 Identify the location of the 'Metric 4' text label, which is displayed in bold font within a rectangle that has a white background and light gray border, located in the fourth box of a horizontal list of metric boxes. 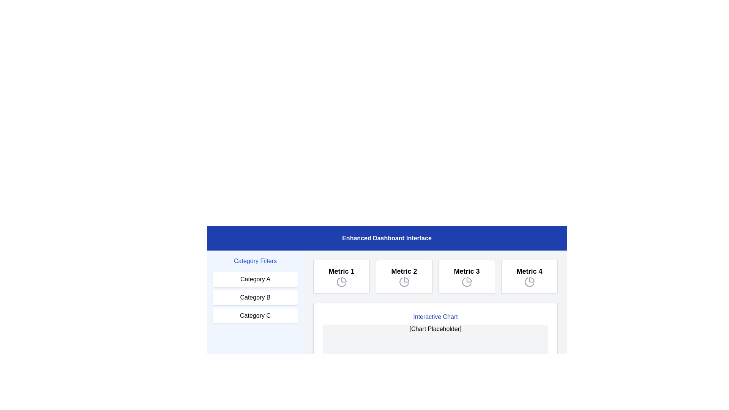
(529, 271).